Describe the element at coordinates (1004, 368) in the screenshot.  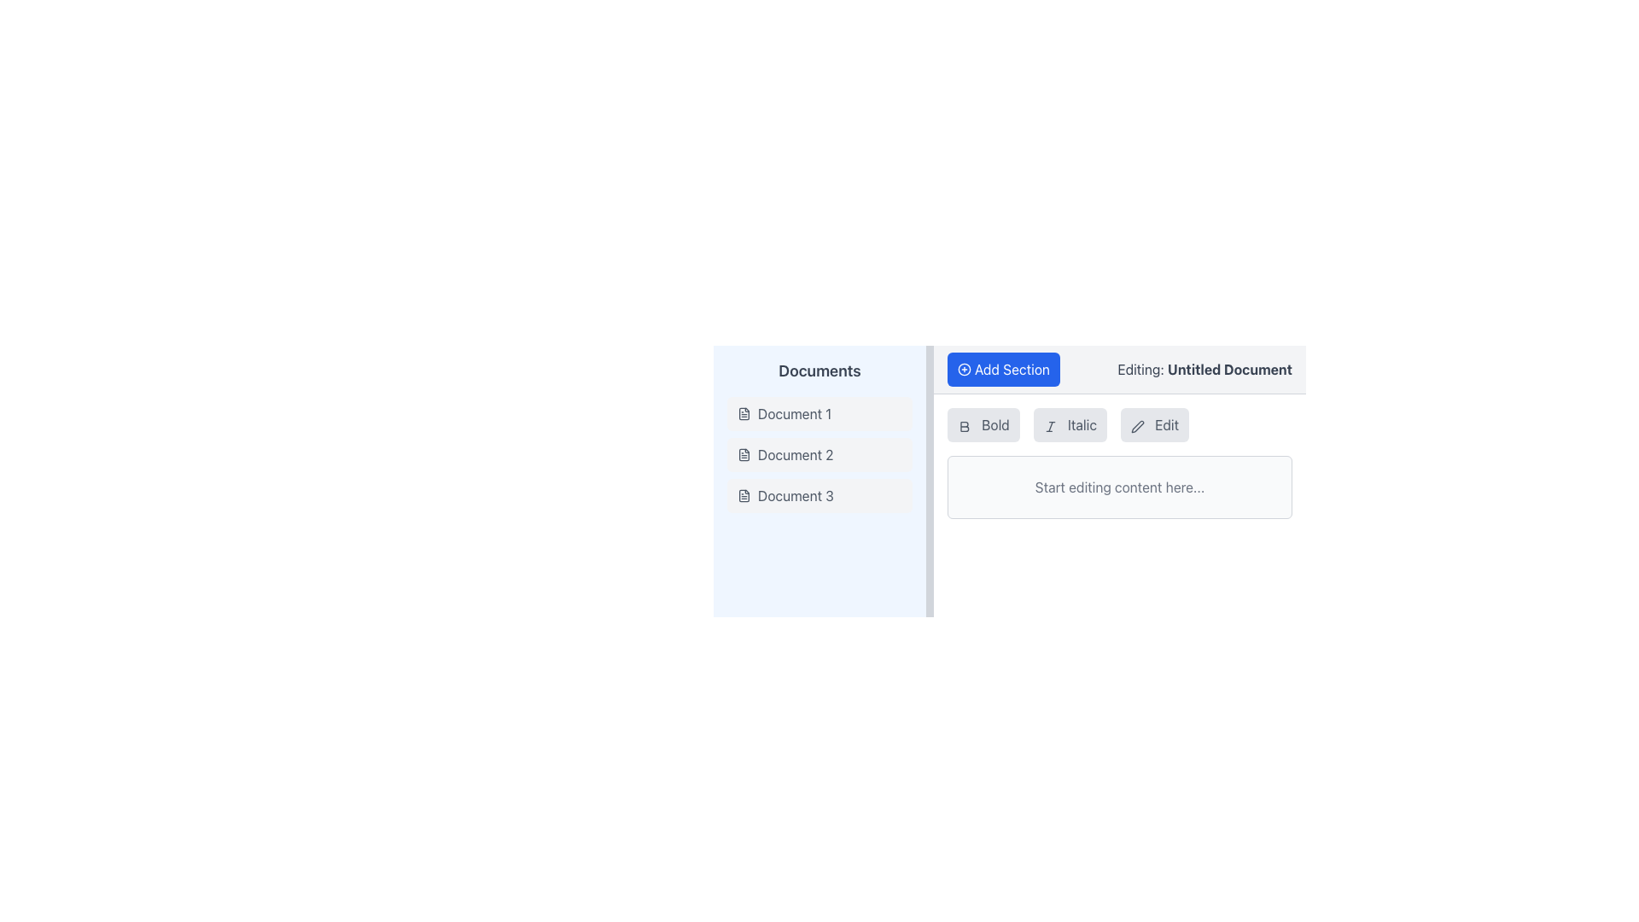
I see `the button with a blue background and white text reading 'Add Section' for keyboard navigation` at that location.